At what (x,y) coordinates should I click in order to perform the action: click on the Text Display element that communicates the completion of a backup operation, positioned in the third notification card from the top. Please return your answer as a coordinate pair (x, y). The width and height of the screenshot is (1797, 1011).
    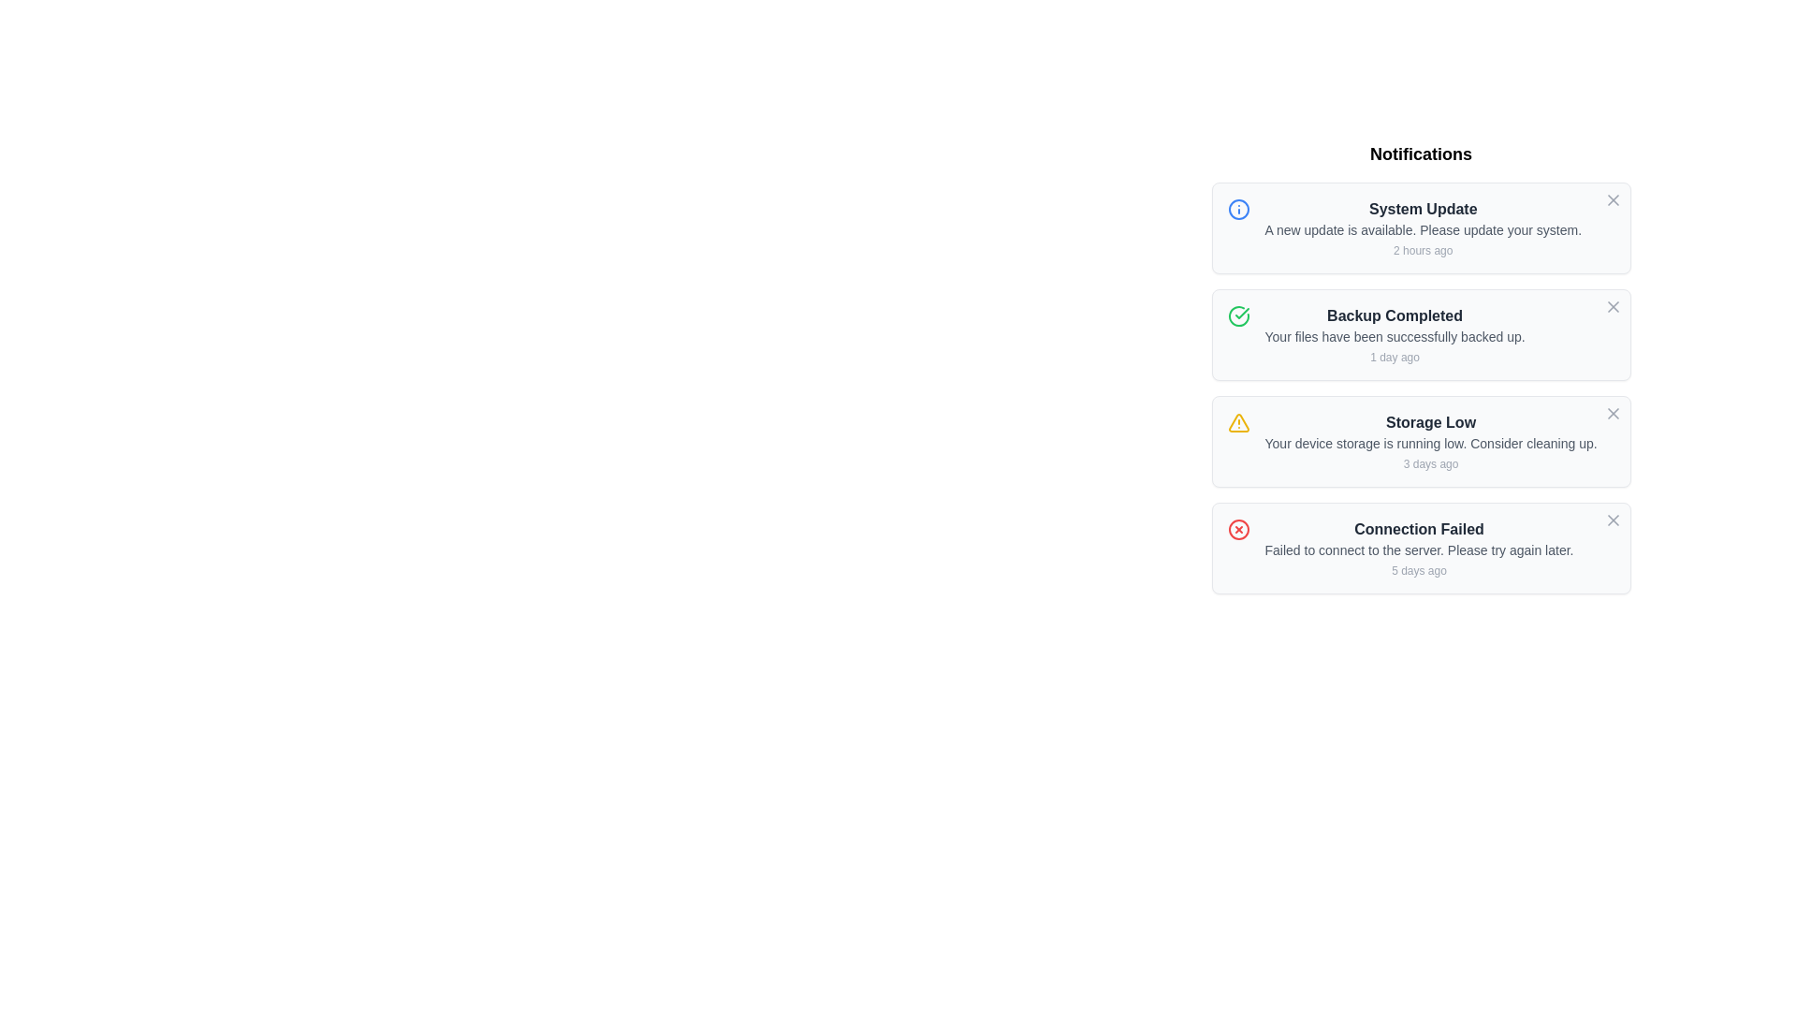
    Looking at the image, I should click on (1394, 334).